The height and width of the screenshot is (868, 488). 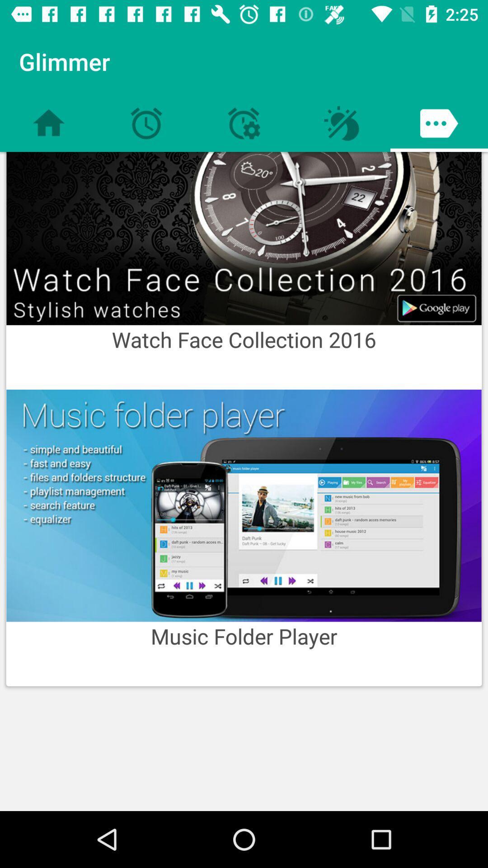 What do you see at coordinates (244, 238) in the screenshot?
I see `open image` at bounding box center [244, 238].